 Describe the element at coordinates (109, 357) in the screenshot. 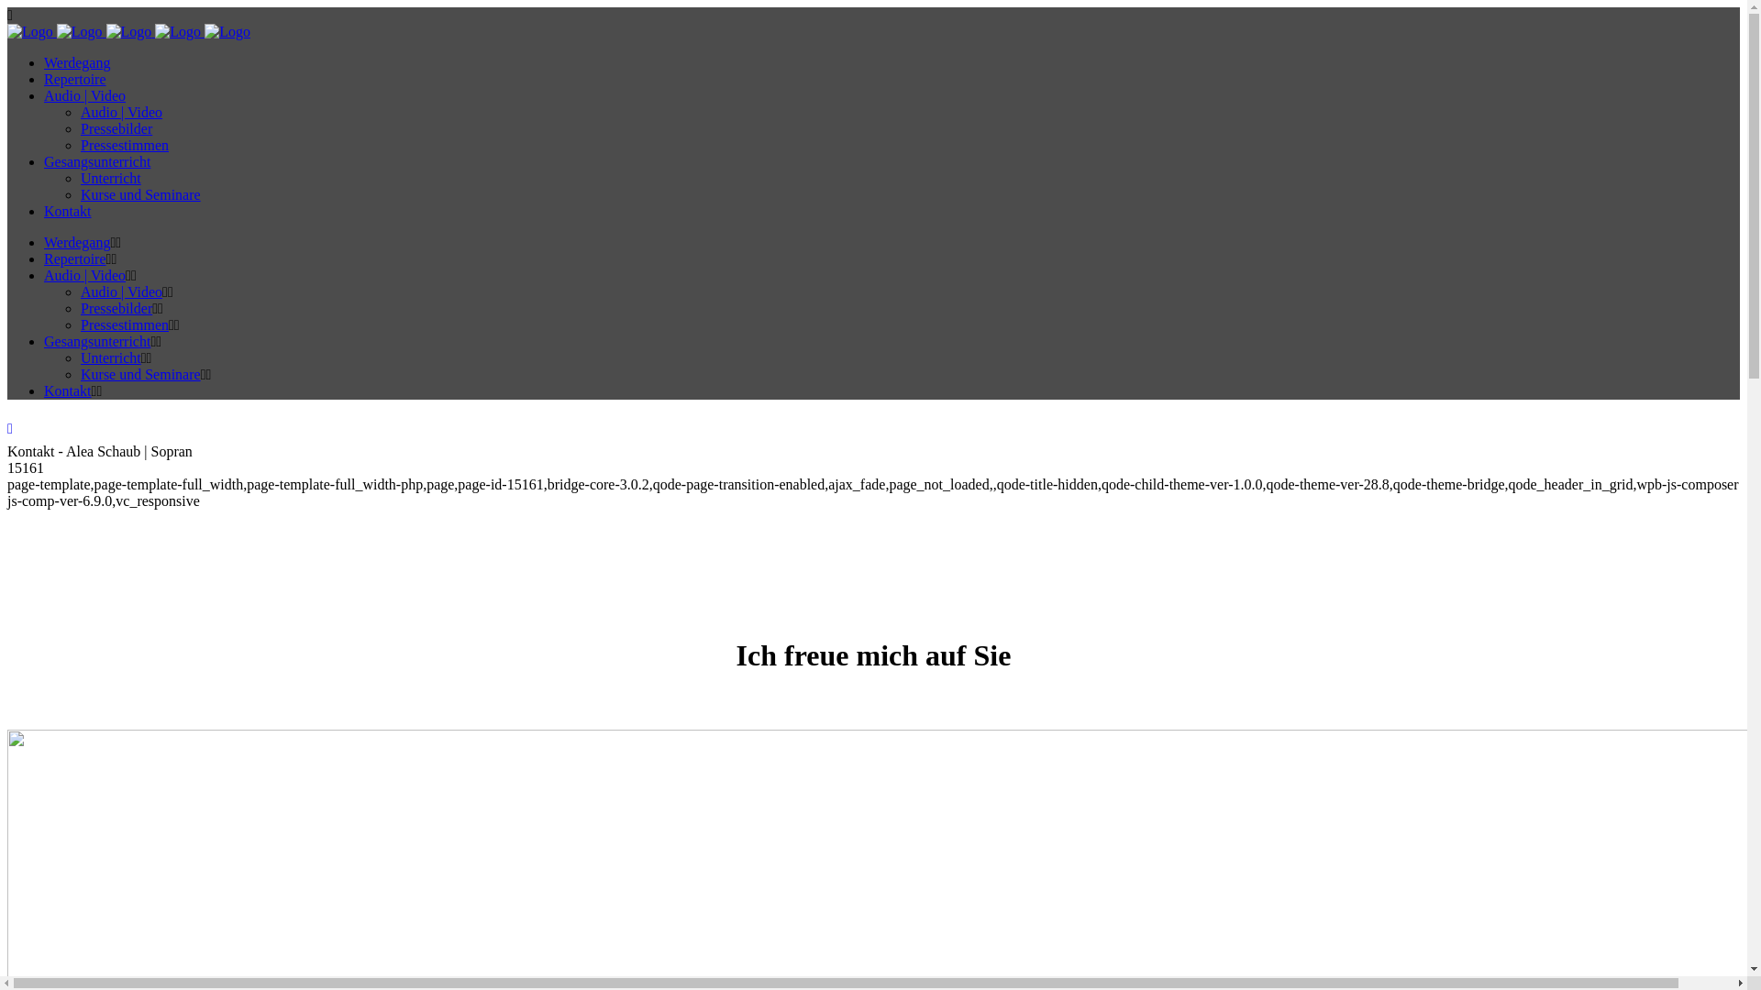

I see `'Unterricht'` at that location.